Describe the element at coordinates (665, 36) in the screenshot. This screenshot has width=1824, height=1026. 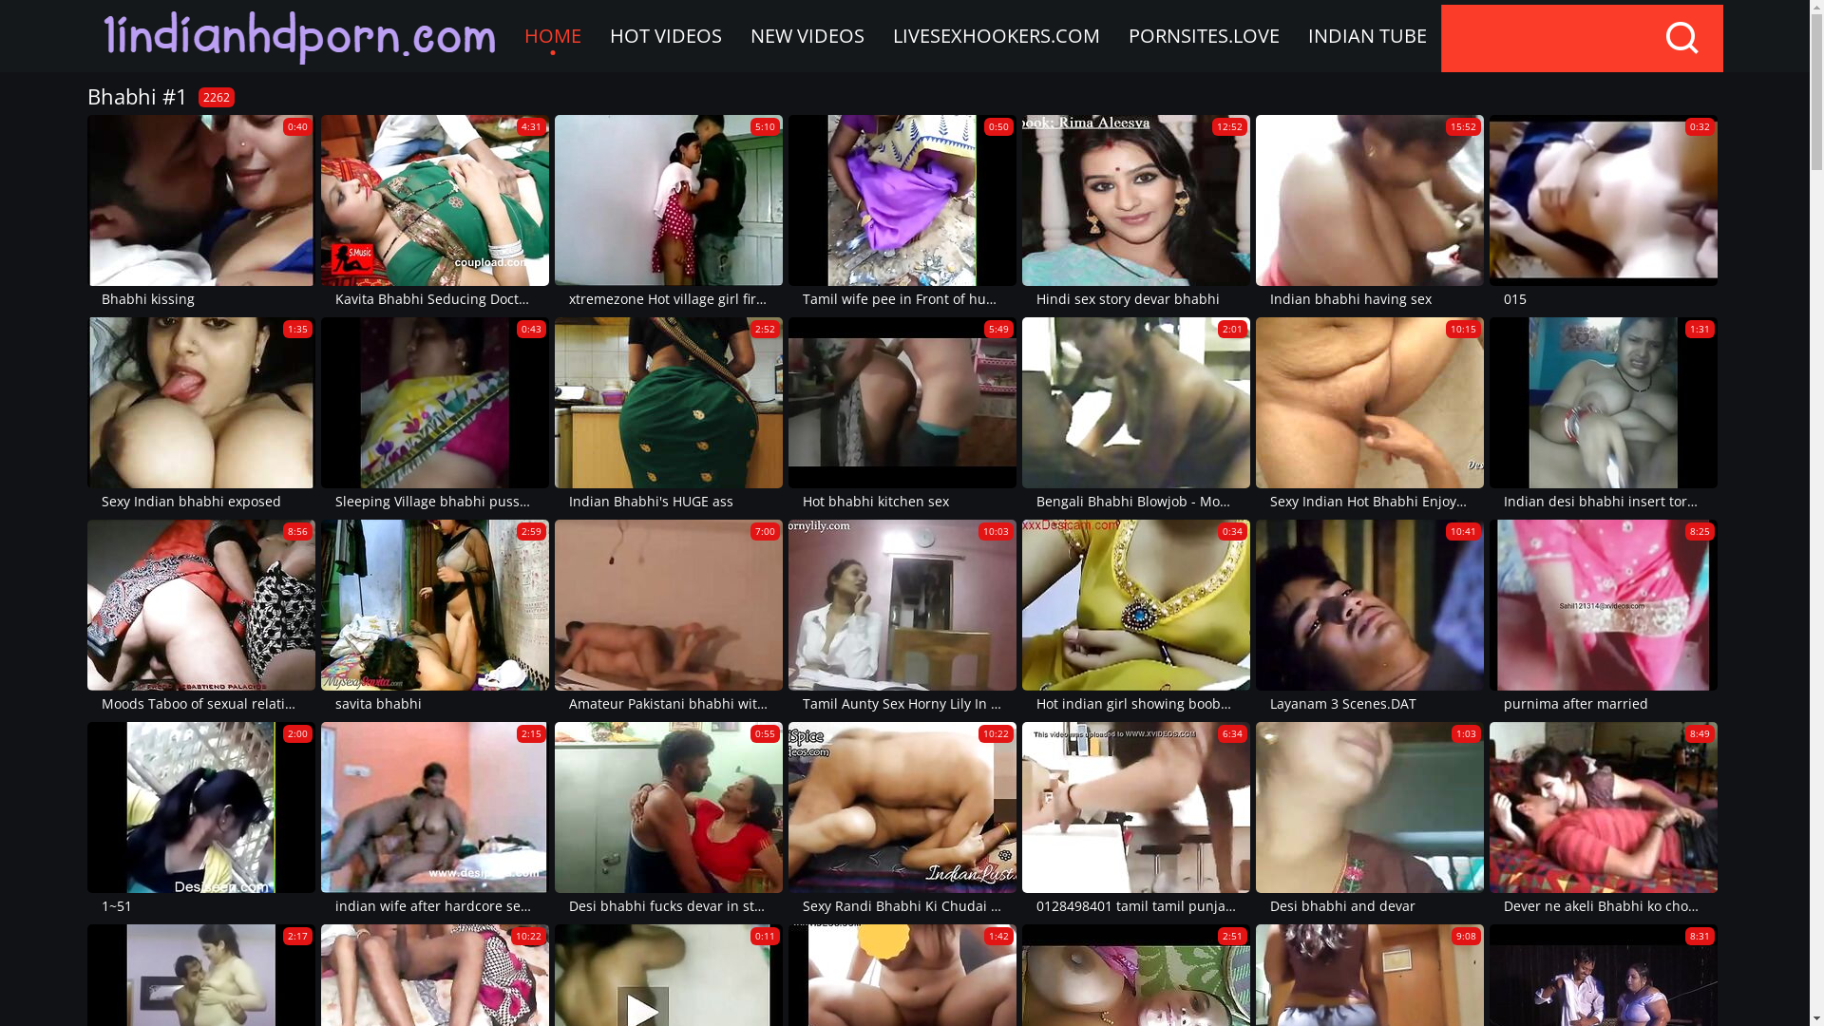
I see `'HOT VIDEOS'` at that location.